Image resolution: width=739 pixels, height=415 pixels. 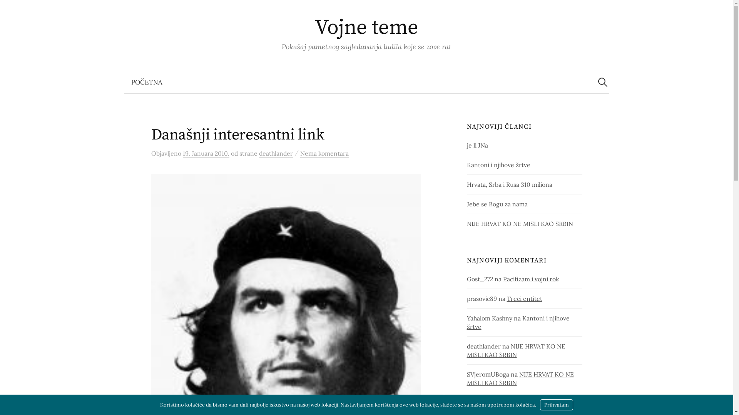 I want to click on '19. Januara 2010.', so click(x=206, y=153).